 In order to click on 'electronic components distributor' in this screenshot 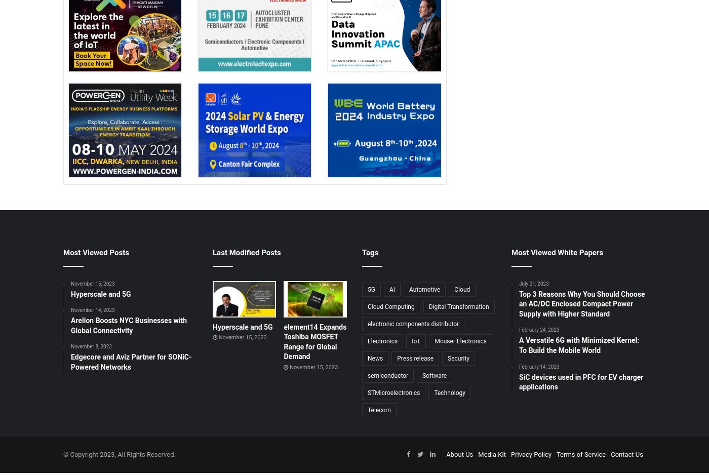, I will do `click(368, 323)`.